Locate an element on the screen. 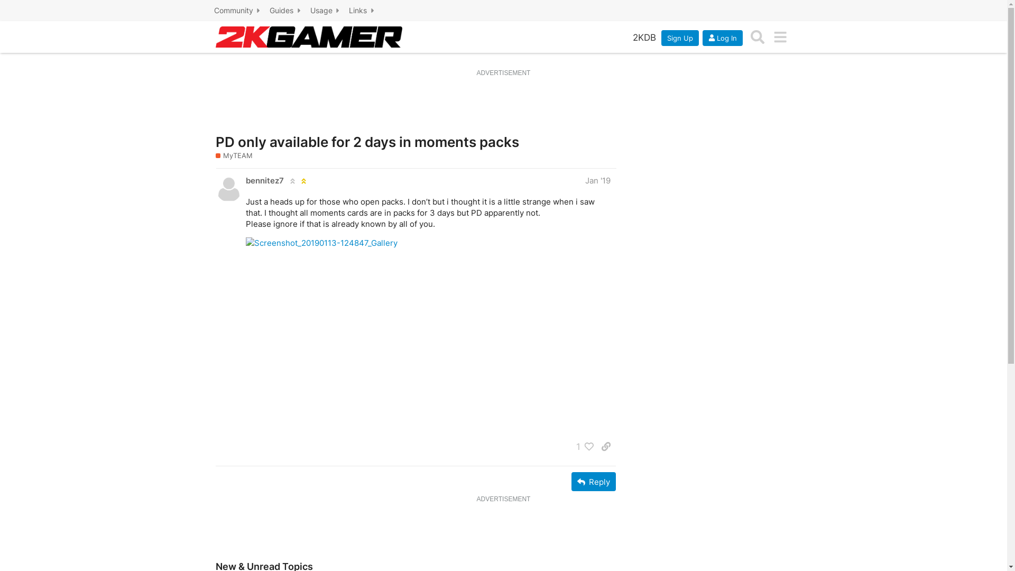 The image size is (1015, 571). '1' is located at coordinates (570, 446).